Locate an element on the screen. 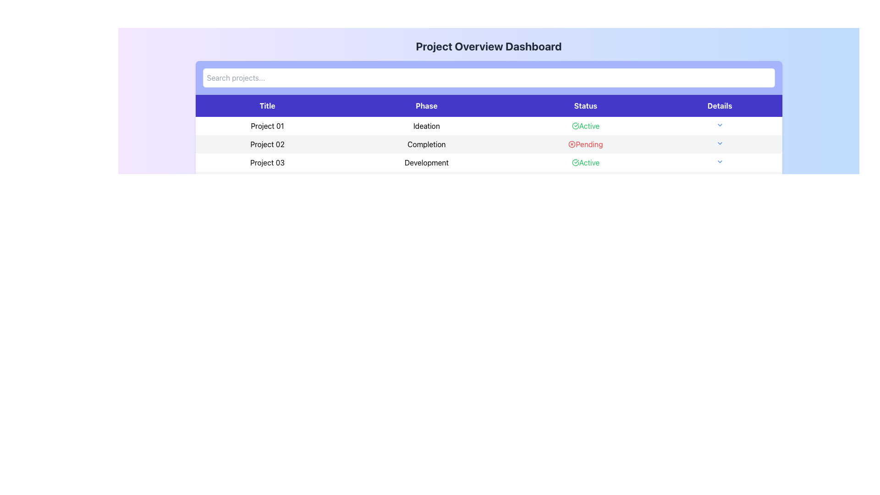 The image size is (880, 495). the 'Status' header label in the project data table, which is the third label in the horizontal header row is located at coordinates (585, 105).